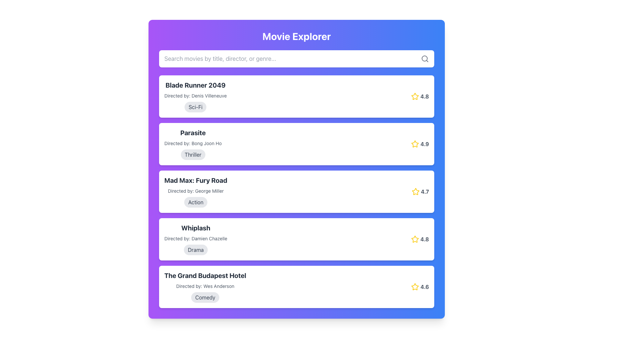  What do you see at coordinates (415, 239) in the screenshot?
I see `the yellow star icon associated with the rating system for the 'Whiplash' movie entry in the 'Movie Explorer' interface, located next to the rating score of '4.8'` at bounding box center [415, 239].